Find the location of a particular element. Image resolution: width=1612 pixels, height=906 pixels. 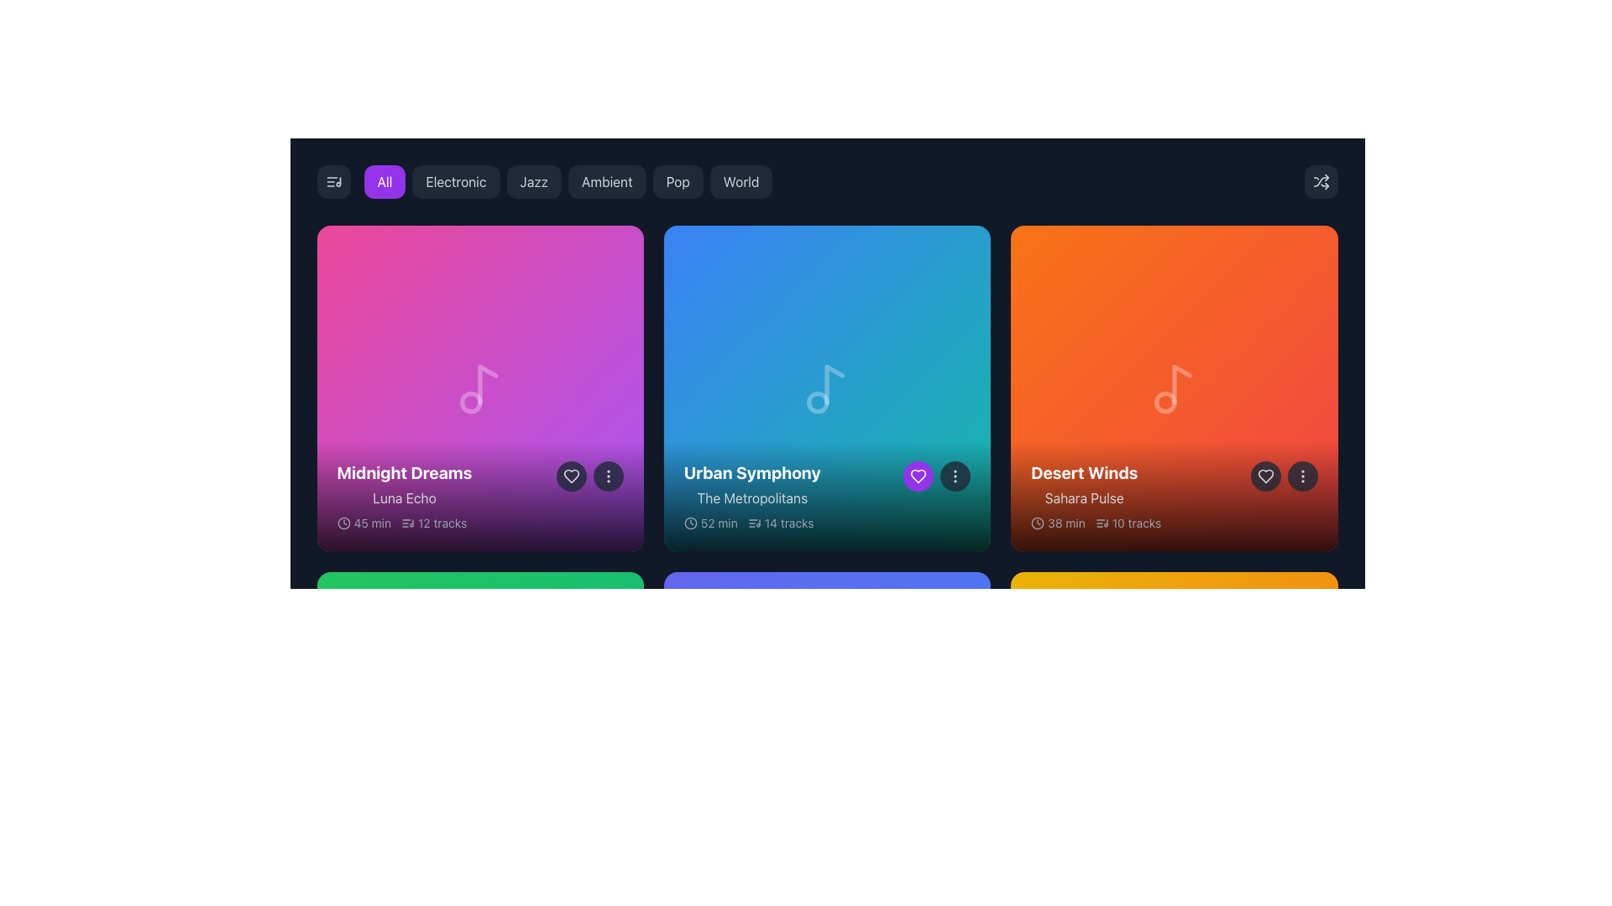

the decorative music icon located at the center of the orange gradient card under the 'Desert Winds' section, which is part of a horizontal row of playlist cards is located at coordinates (1173, 388).